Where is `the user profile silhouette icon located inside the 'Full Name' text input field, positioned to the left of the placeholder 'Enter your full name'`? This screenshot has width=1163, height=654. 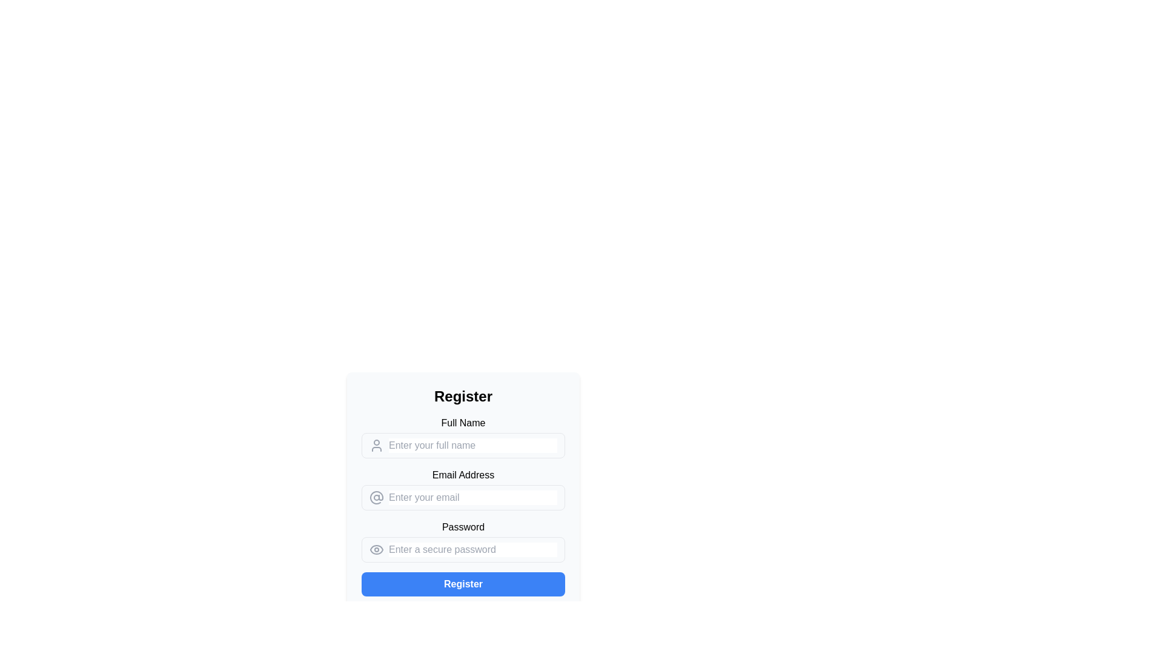 the user profile silhouette icon located inside the 'Full Name' text input field, positioned to the left of the placeholder 'Enter your full name' is located at coordinates (376, 446).